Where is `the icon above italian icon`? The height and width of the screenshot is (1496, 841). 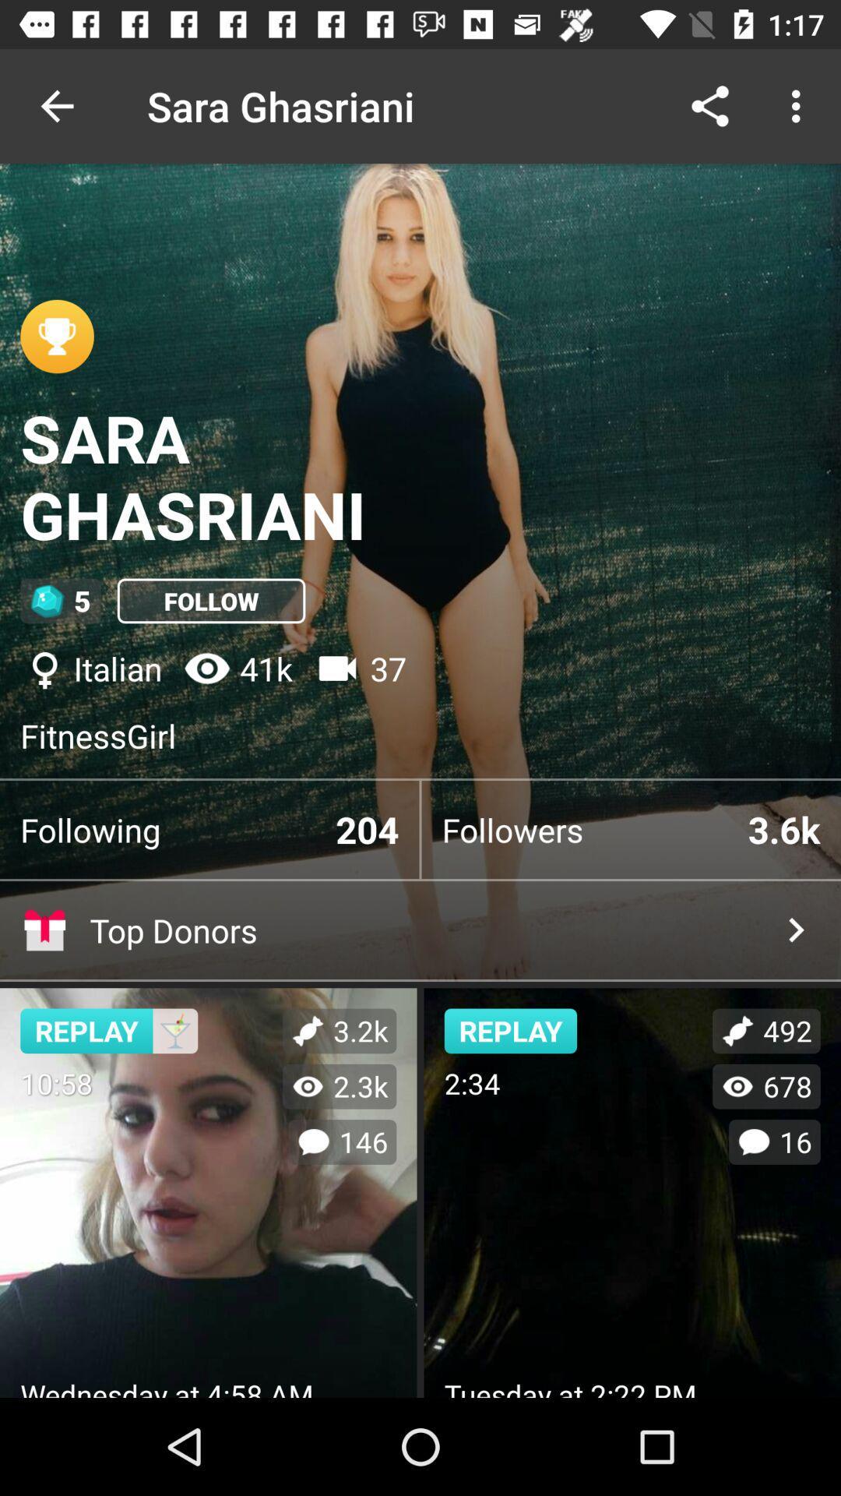
the icon above italian icon is located at coordinates (211, 600).